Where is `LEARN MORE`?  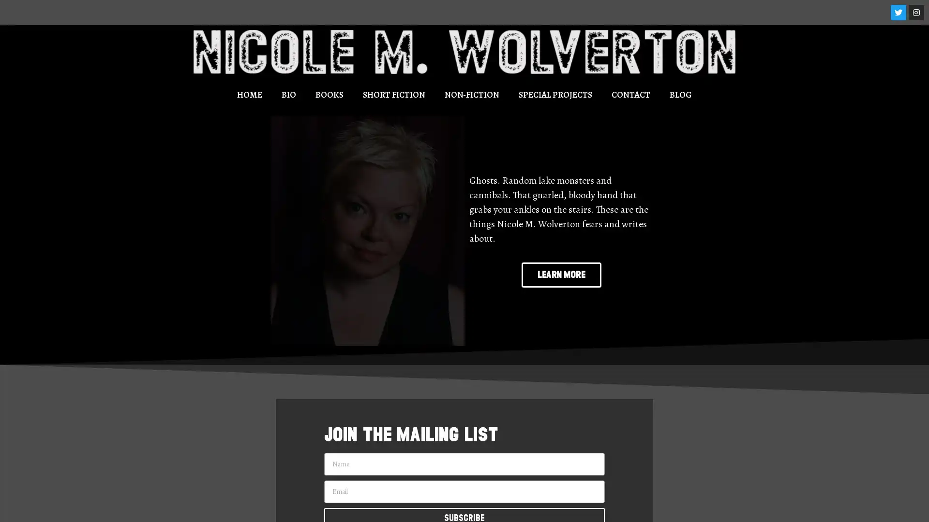
LEARN MORE is located at coordinates (561, 275).